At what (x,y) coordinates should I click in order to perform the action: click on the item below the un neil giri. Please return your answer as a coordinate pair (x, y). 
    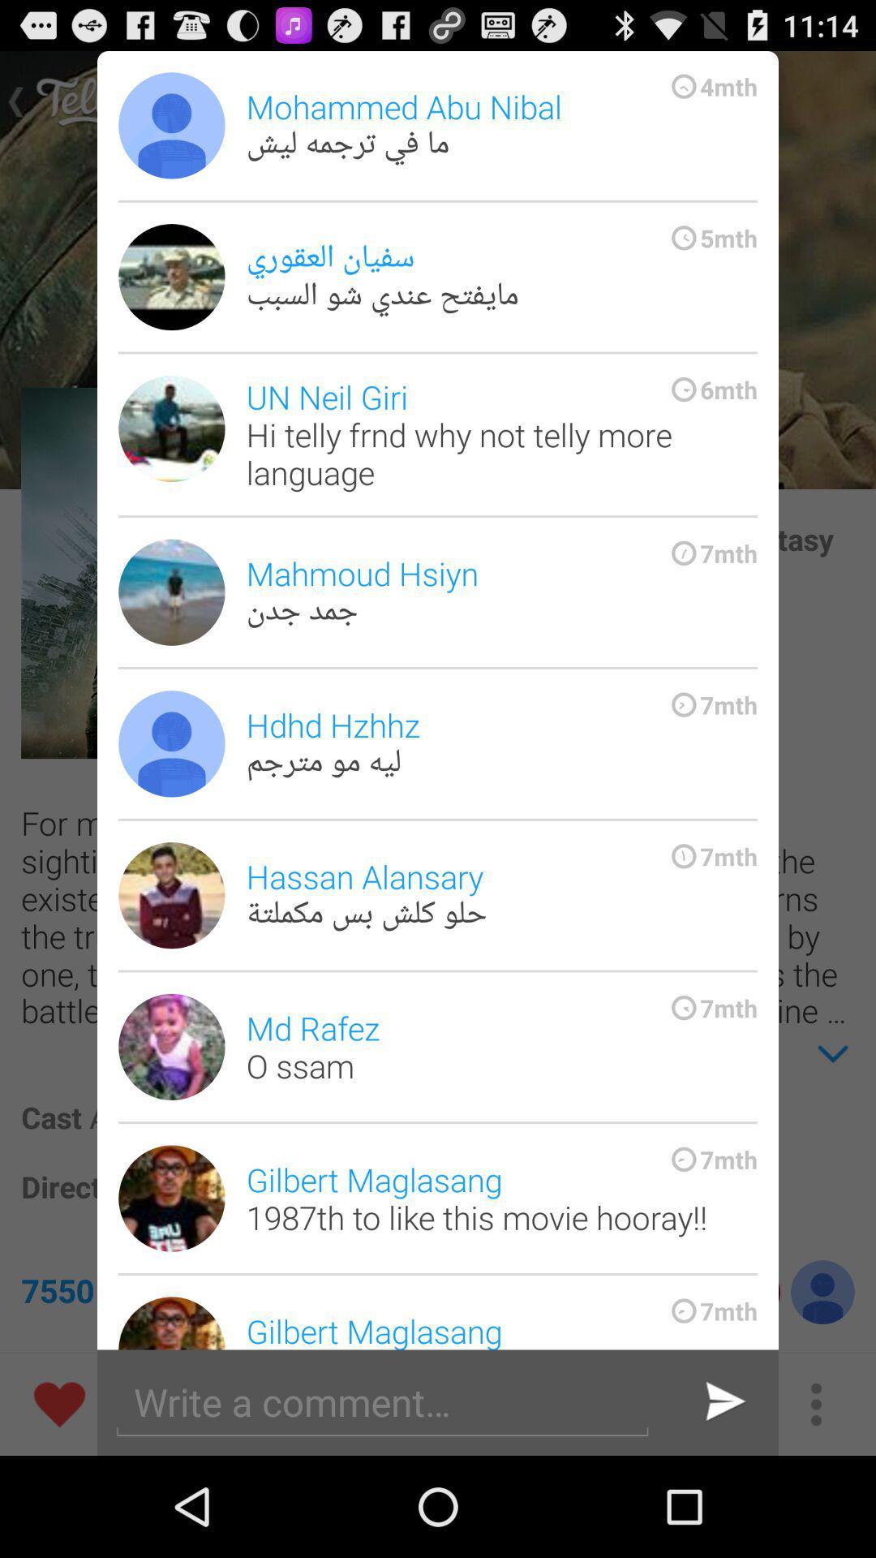
    Looking at the image, I should click on (500, 592).